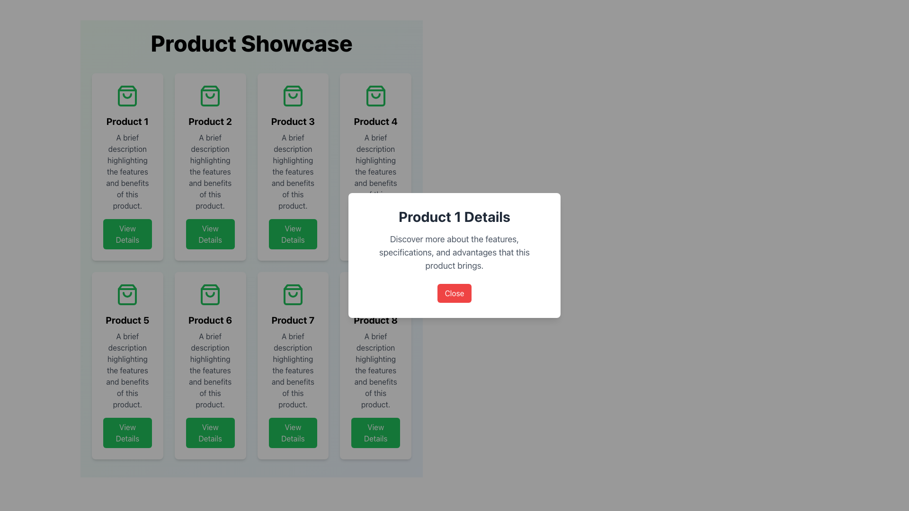 This screenshot has width=909, height=511. What do you see at coordinates (210, 171) in the screenshot?
I see `the text label styled with 'text-gray-600 mb-4' that contains the description 'A brief description highlighting the features and benefits of this product.', located below the title 'Product 2'` at bounding box center [210, 171].